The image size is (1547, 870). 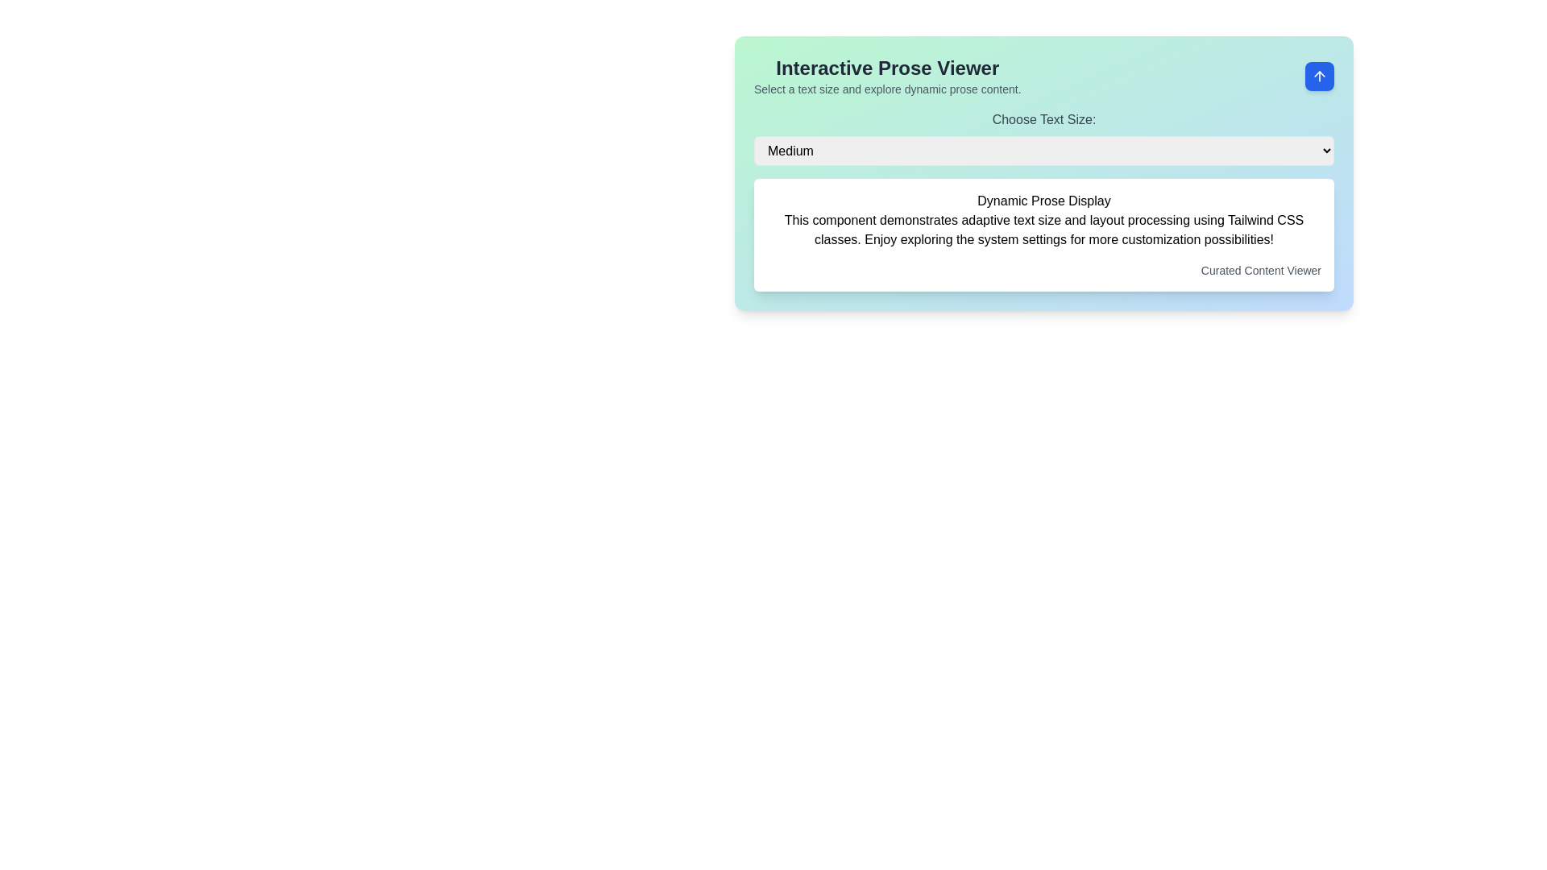 What do you see at coordinates (1044, 230) in the screenshot?
I see `the second paragraph element that provides information about the functionality and customization features of the interface, located below the title 'Dynamic Prose Display'` at bounding box center [1044, 230].